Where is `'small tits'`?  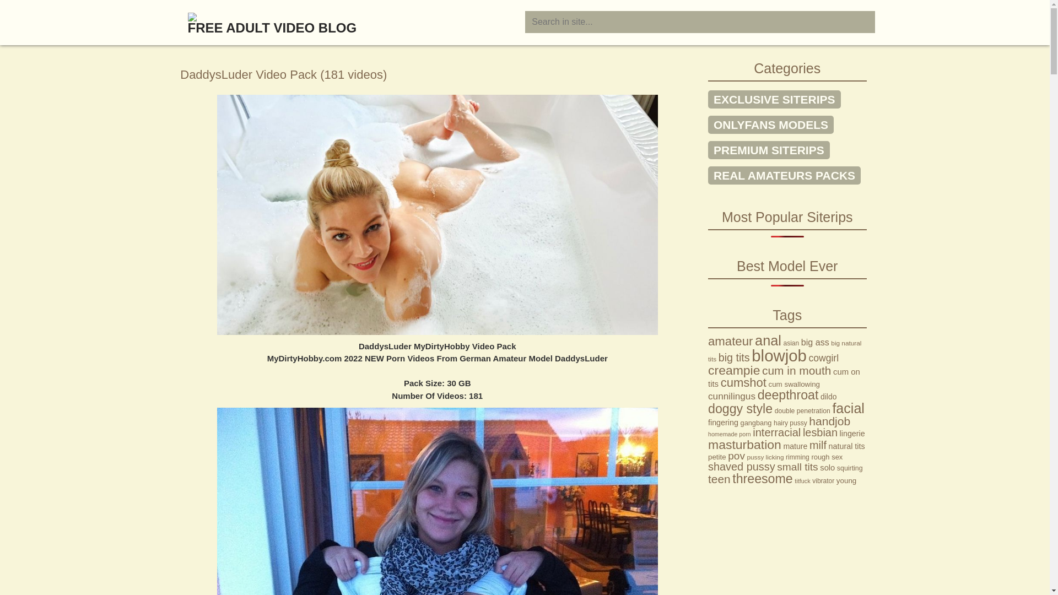 'small tits' is located at coordinates (797, 467).